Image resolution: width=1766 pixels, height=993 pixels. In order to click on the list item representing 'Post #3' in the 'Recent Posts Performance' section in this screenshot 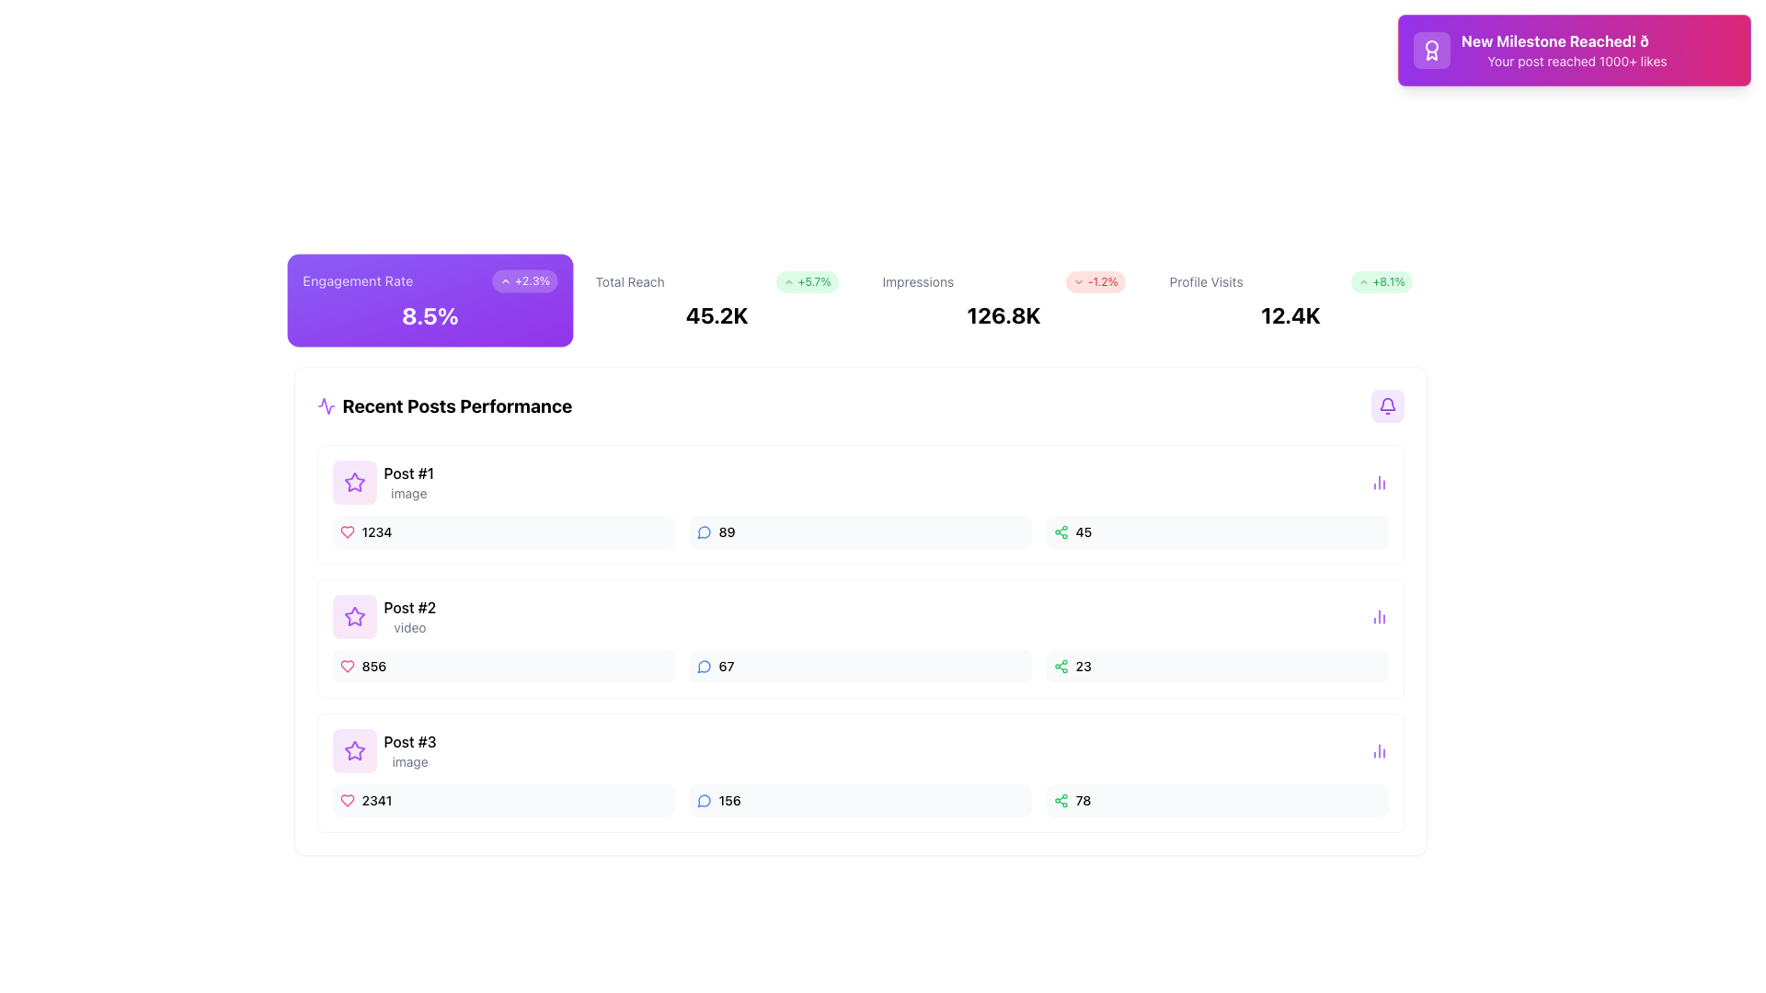, I will do `click(383, 751)`.